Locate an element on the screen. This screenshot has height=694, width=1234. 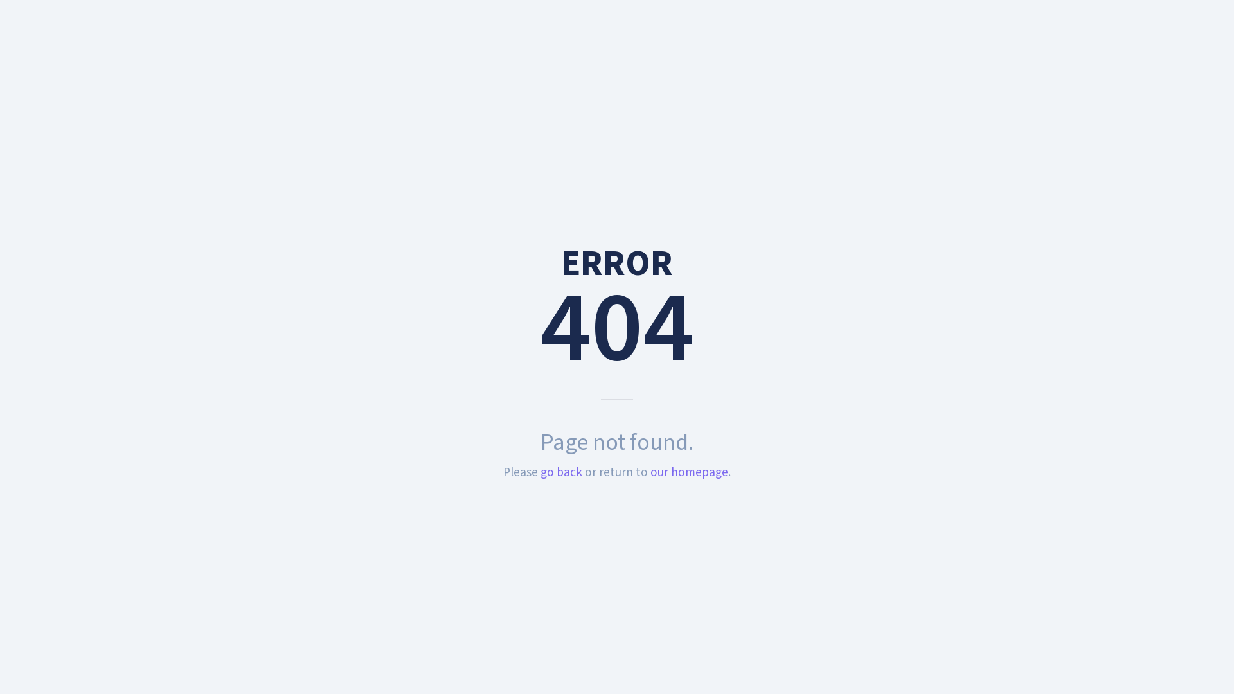
'our homepage' is located at coordinates (688, 471).